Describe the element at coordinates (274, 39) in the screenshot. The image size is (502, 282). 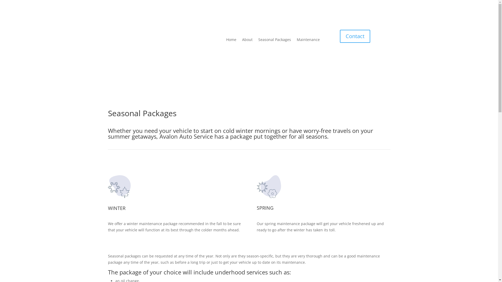
I see `'Seasonal Packages'` at that location.